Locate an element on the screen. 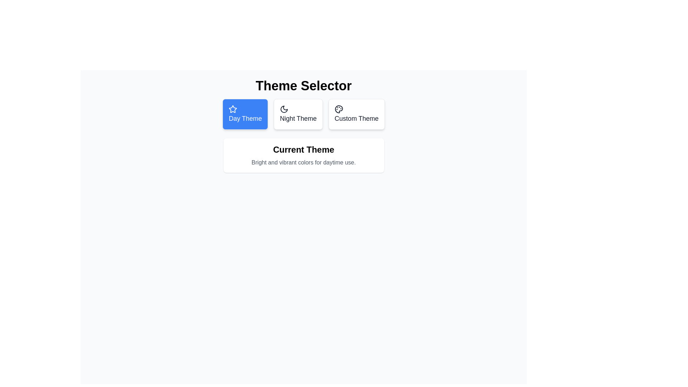 Image resolution: width=688 pixels, height=387 pixels. the theme button Day Theme to observe its hover effect is located at coordinates (245, 114).